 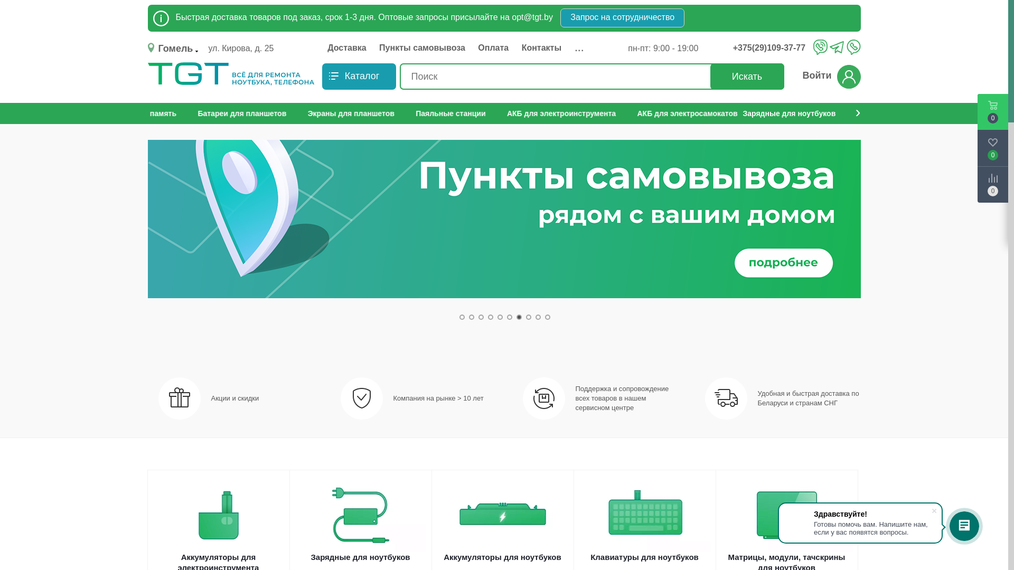 I want to click on '6', so click(x=507, y=317).